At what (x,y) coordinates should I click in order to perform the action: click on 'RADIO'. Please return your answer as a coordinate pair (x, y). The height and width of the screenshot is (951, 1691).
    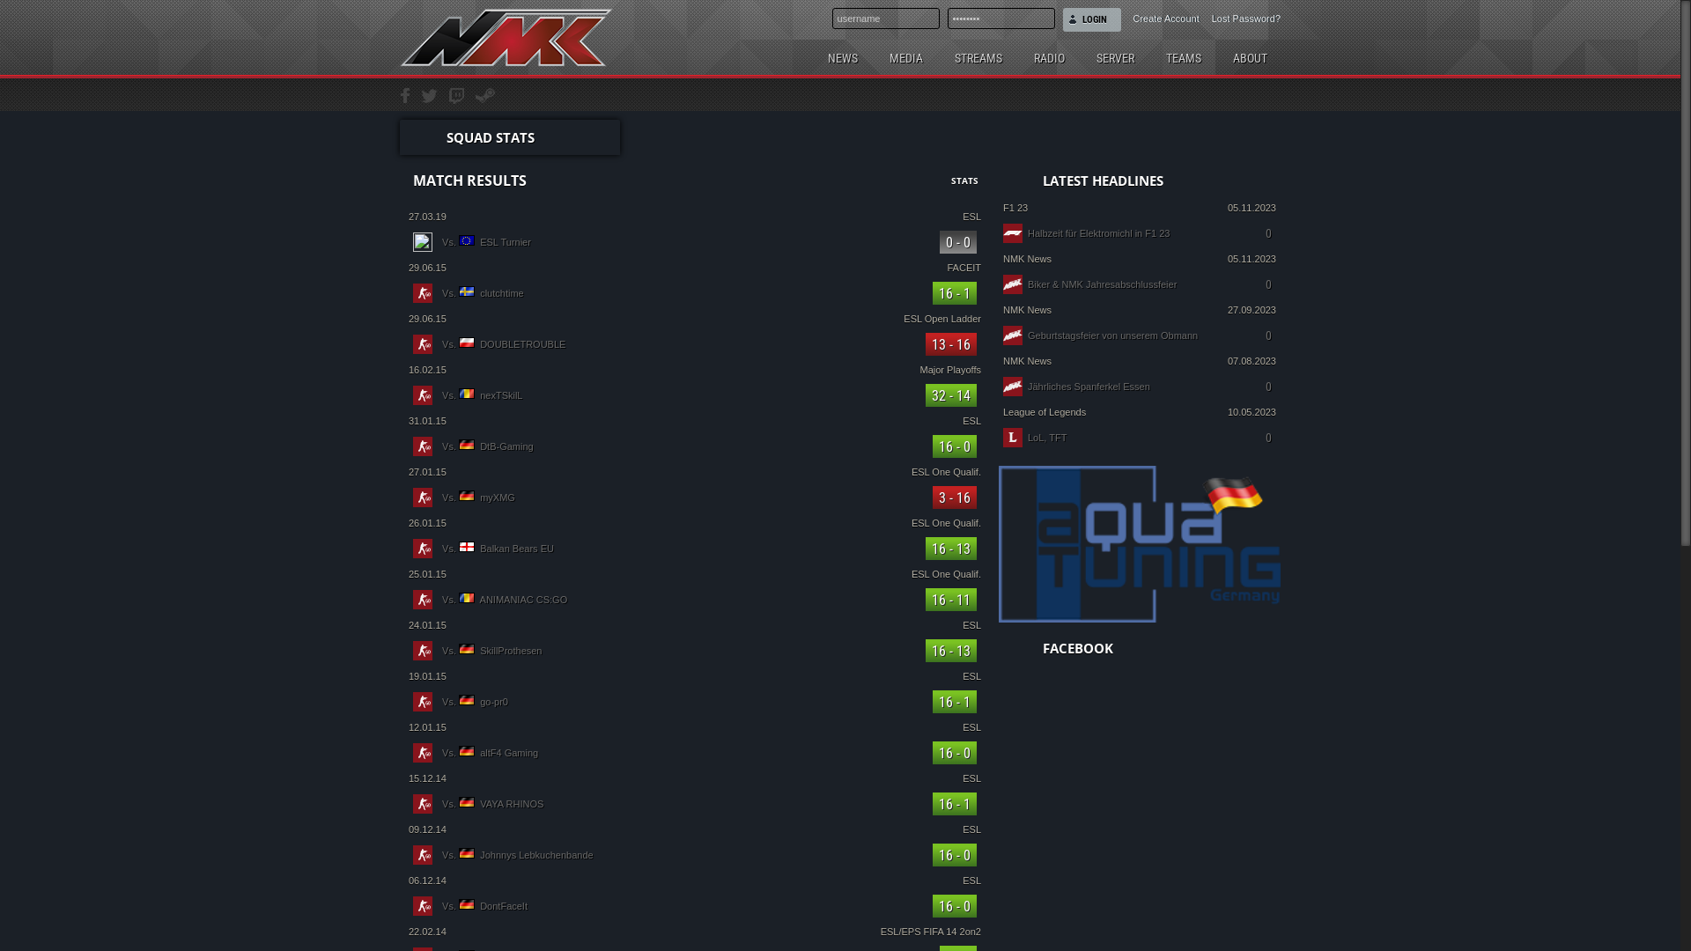
    Looking at the image, I should click on (1049, 56).